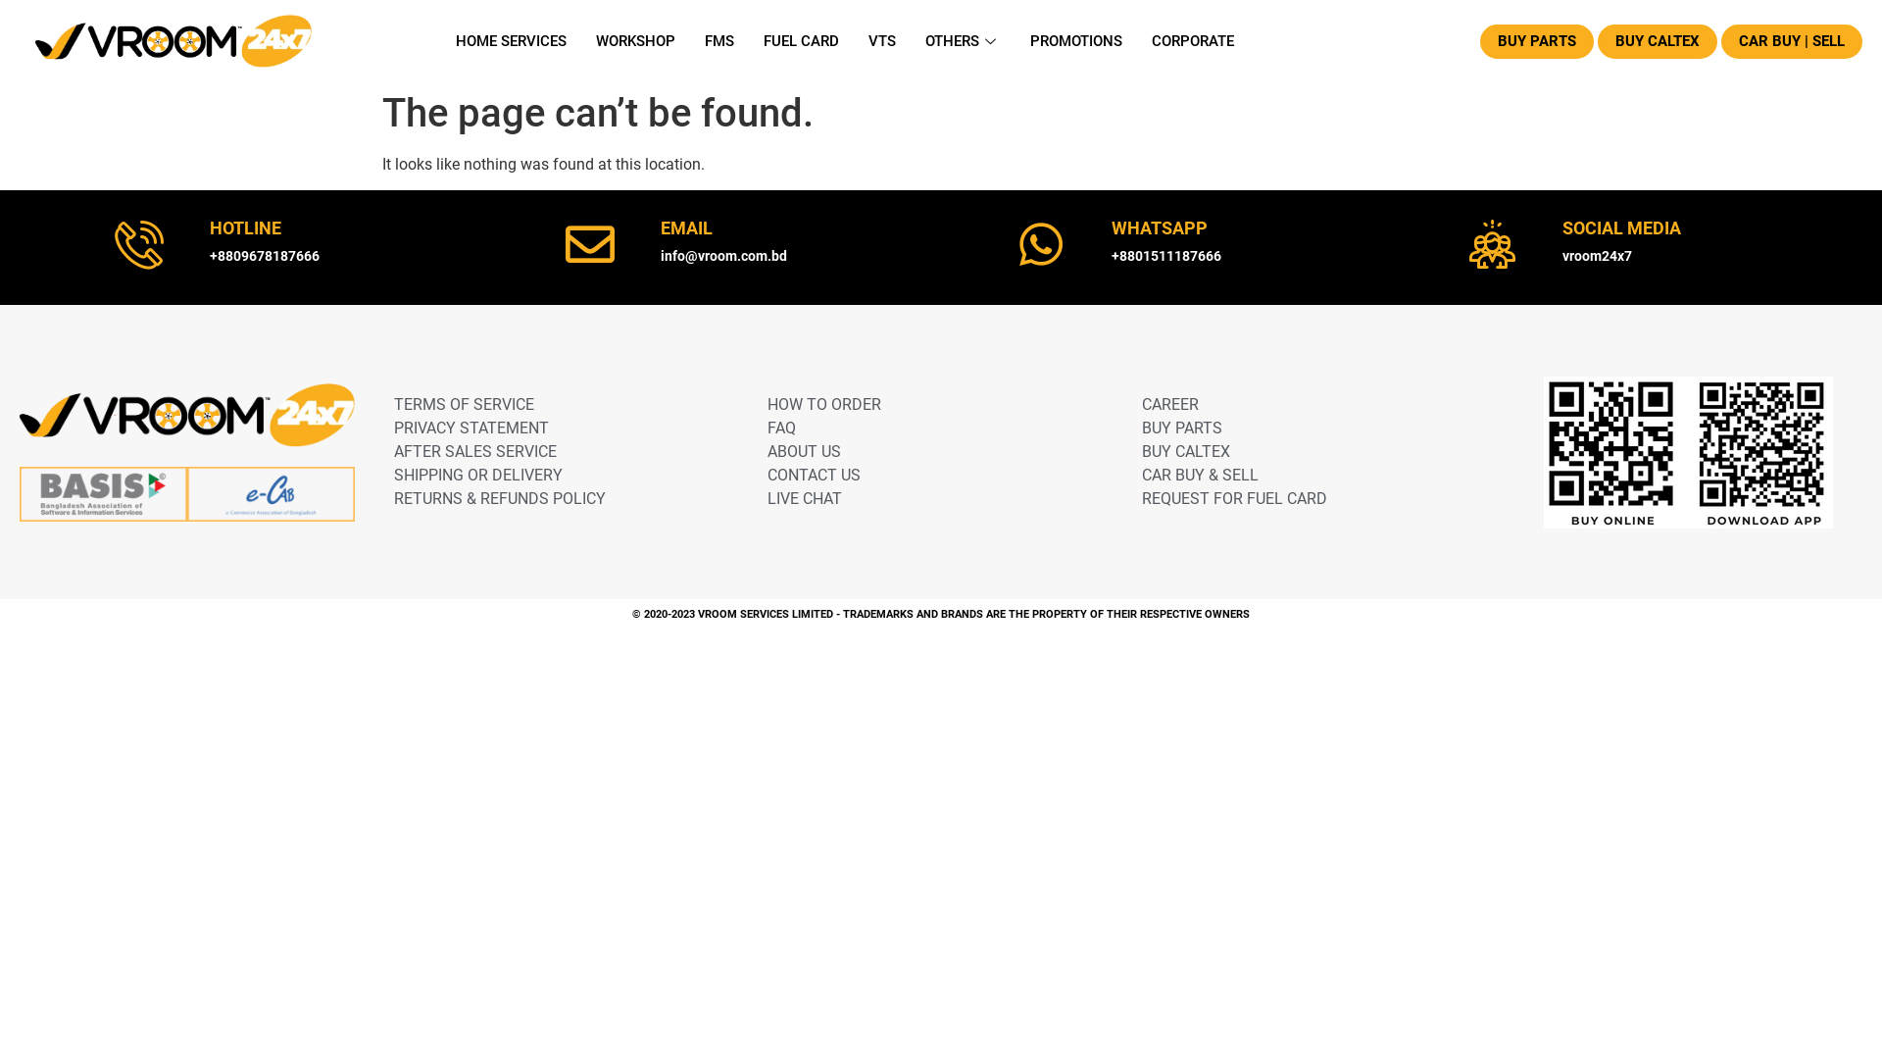  What do you see at coordinates (393, 452) in the screenshot?
I see `'AFTER SALES SERVICE'` at bounding box center [393, 452].